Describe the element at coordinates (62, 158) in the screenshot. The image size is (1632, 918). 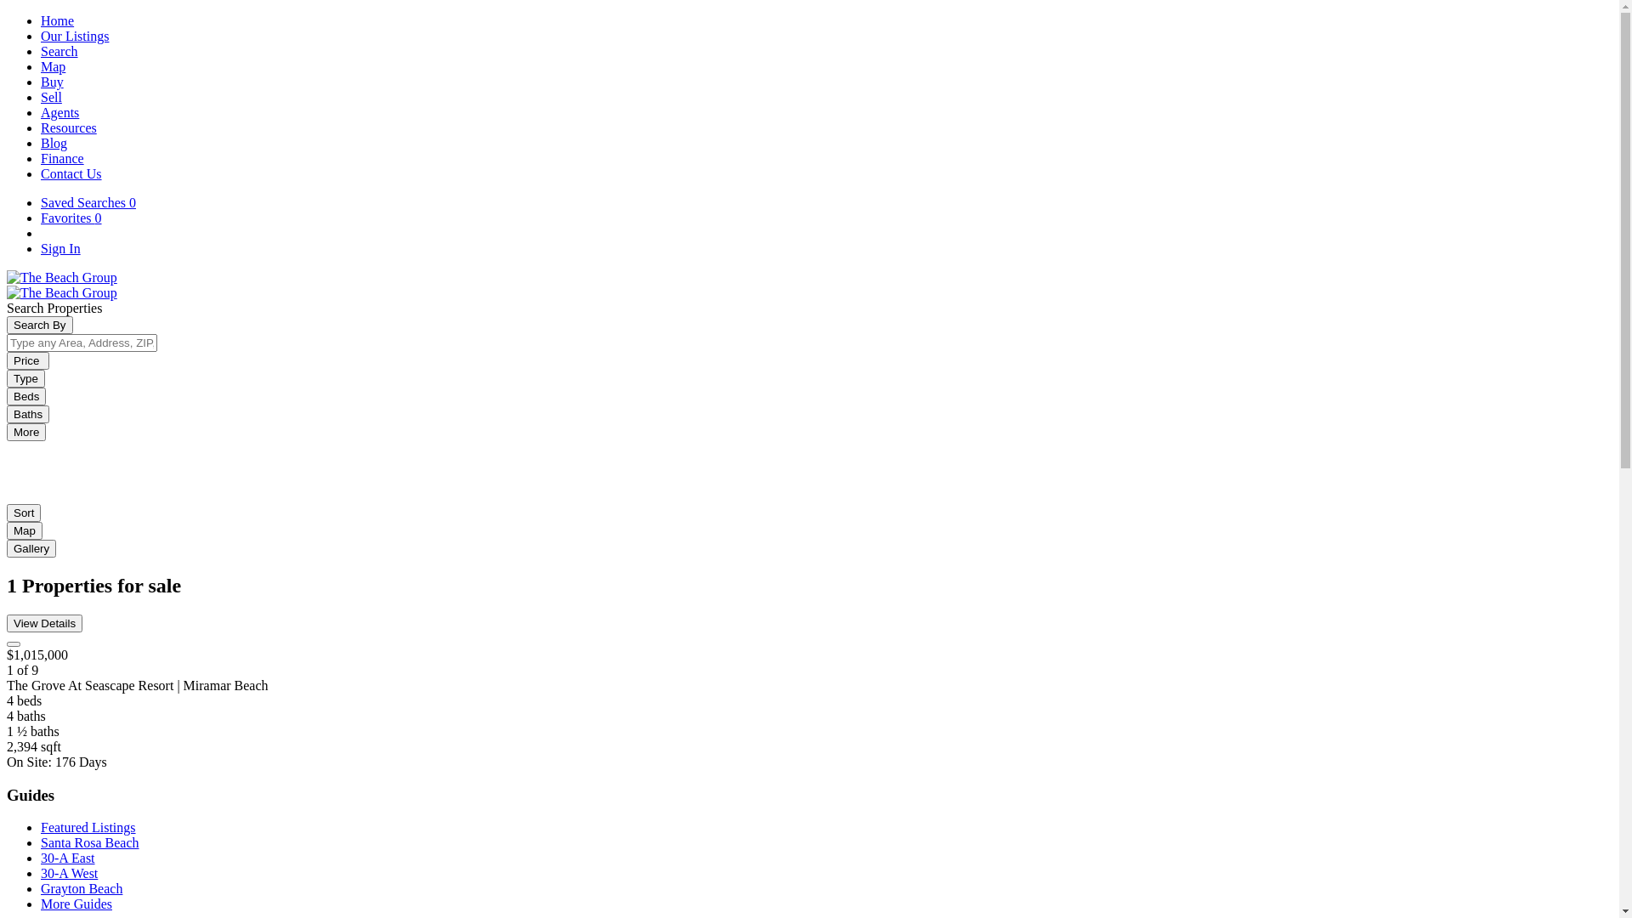
I see `'Finance'` at that location.